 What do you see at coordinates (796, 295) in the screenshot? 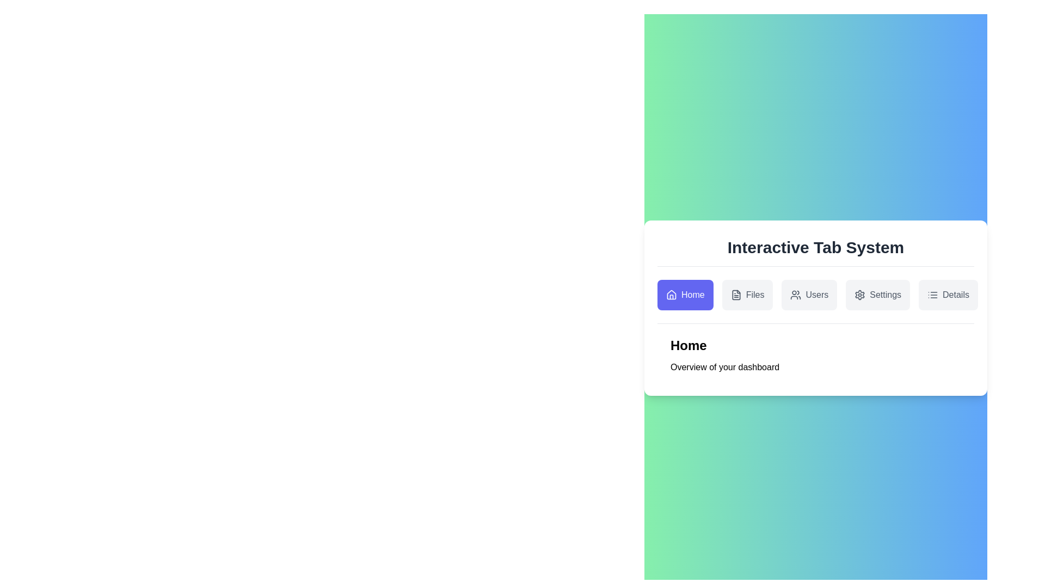
I see `the small SVG icon representing a pair of abstract user icons located on the 'Users' tab in the tab bar, positioned between the 'Files' and 'Settings' tabs` at bounding box center [796, 295].